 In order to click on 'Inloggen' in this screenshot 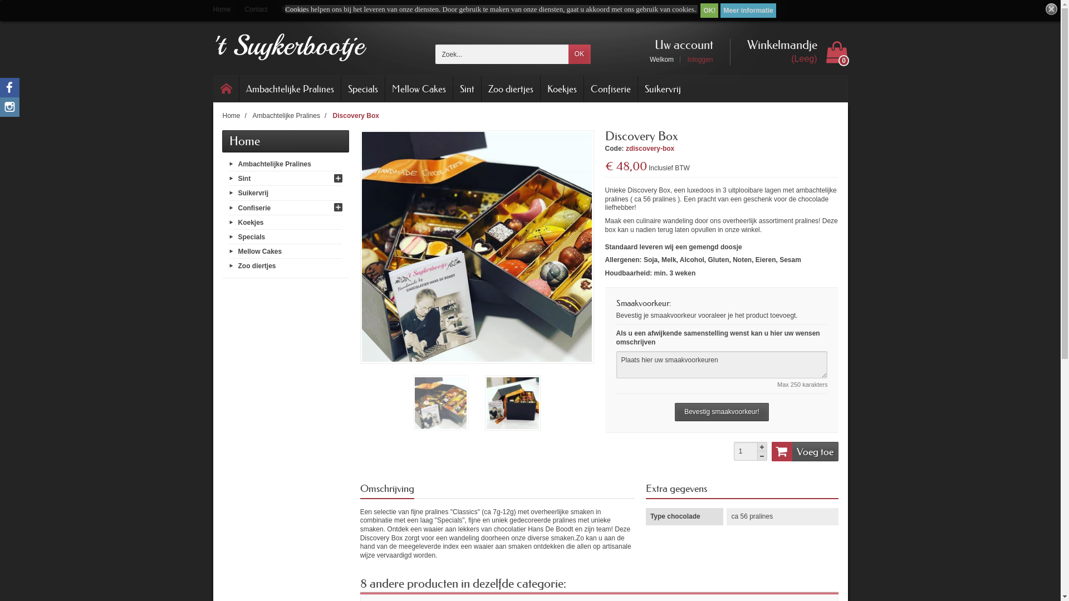, I will do `click(695, 60)`.